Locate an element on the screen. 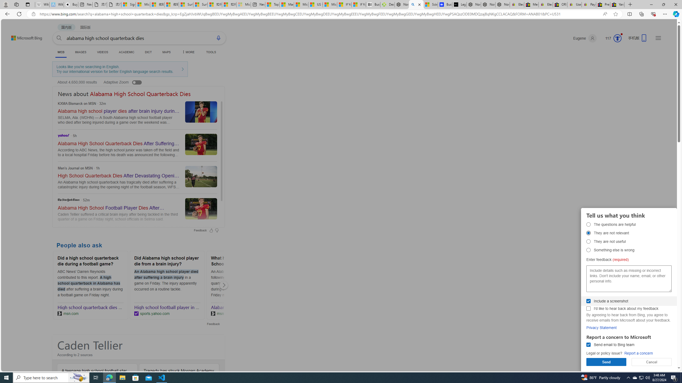 The height and width of the screenshot is (383, 682). 'The questions are helpful The questions are helpful' is located at coordinates (588, 224).